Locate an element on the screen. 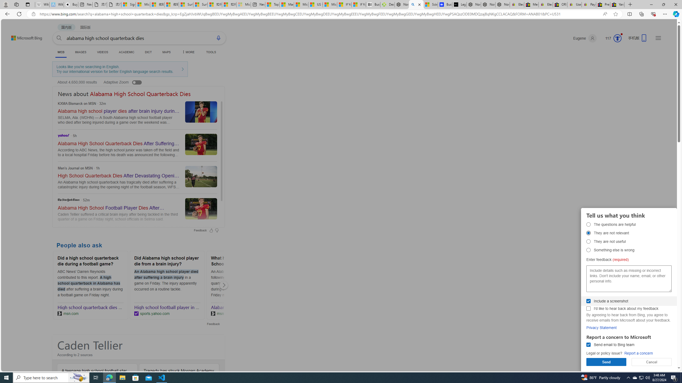 The height and width of the screenshot is (383, 682). 'The questions are helpful The questions are helpful' is located at coordinates (588, 224).